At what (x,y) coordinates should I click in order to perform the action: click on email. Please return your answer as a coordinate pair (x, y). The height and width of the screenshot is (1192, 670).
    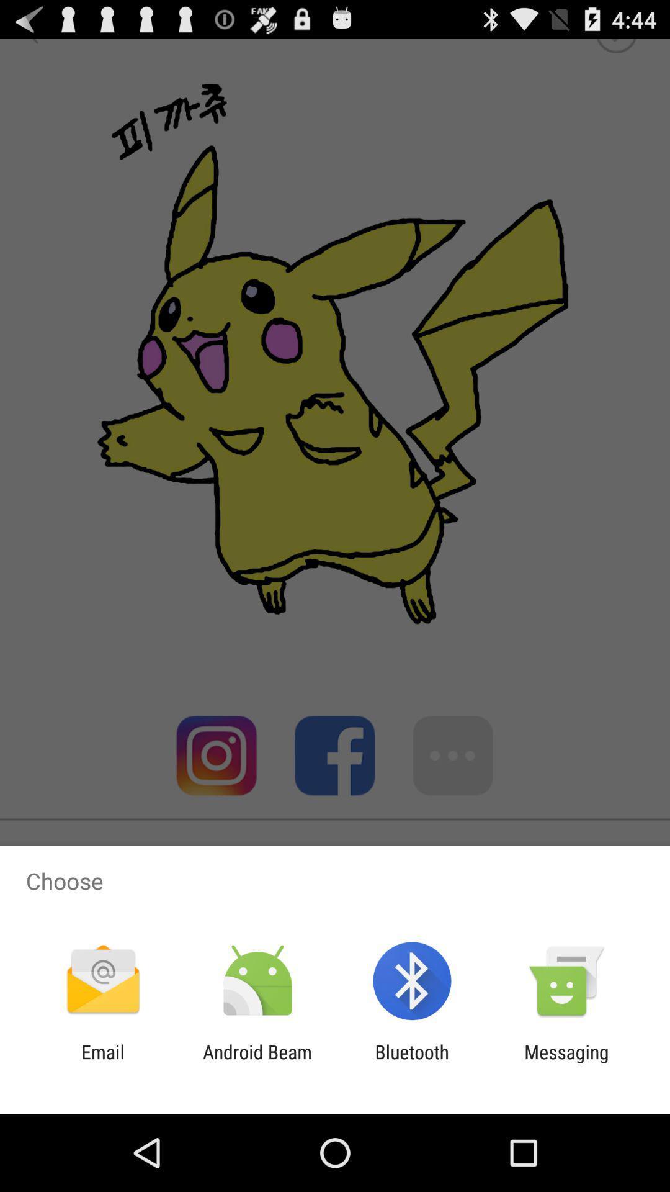
    Looking at the image, I should click on (102, 1062).